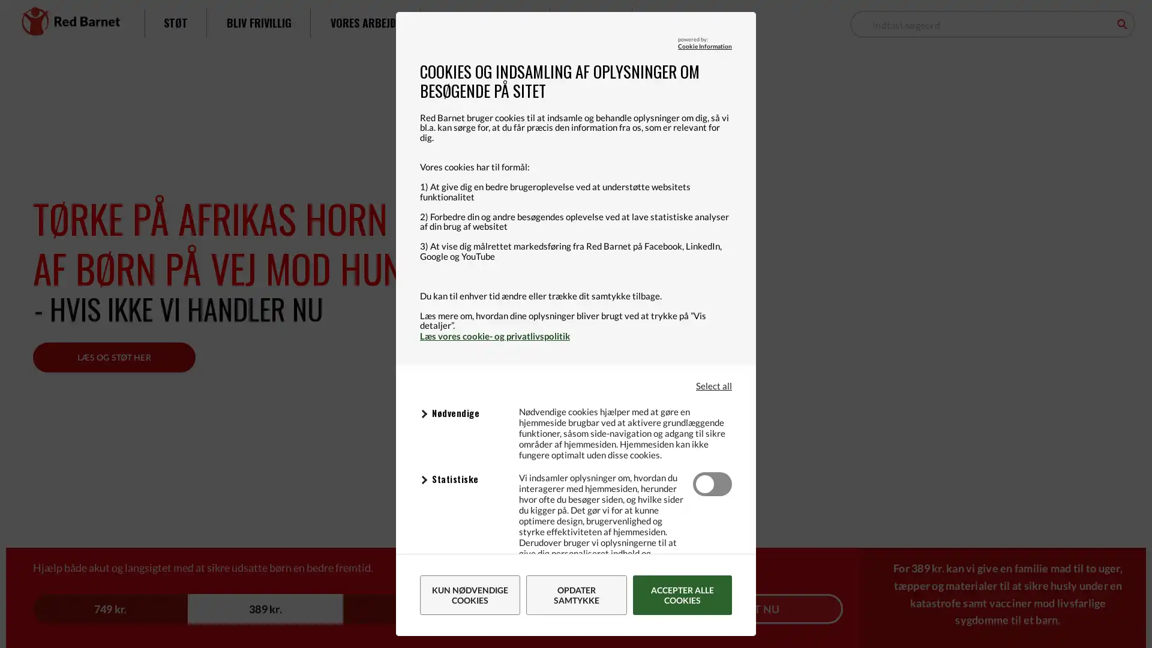 The width and height of the screenshot is (1152, 648). What do you see at coordinates (463, 479) in the screenshot?
I see `Data Processor: Google Analytics Formal: Indsamler oplysninger om brugerne og deres aktivitet pa websitet til analyse og rapporteringsformal. Data Processor Privacy Policy: Google Analytics - Data Processor Privacy Policy Udlb: 2 ar Navn: _ga Udbyder: .tilmeld.redbarnet.dk Data Processor: Google Analytics Formal: Indsamler oplysninger om brugerne og deres aktivitet pa websitet til analyse og rapporteringsformal. Data Processor Privacy Policy: Google Analytics - Data Processor Privacy Policy Udlb: en dag Navn: _gid Udbyder: .tilmeld.redbarnet.dk Data Processor: Google Analytics Formal: Indsamler oplysninger om brugerne og deres aktivitet pa websitet til analyse og rapporteringsformal. Data Processor Privacy Policy: Google Analytics - Data Processor Privacy Policy Udlb: fa sekunder Navn: _gat_UA-xxx-xxx Udbyder: .tilmeld.redbarnet.dk` at bounding box center [463, 479].